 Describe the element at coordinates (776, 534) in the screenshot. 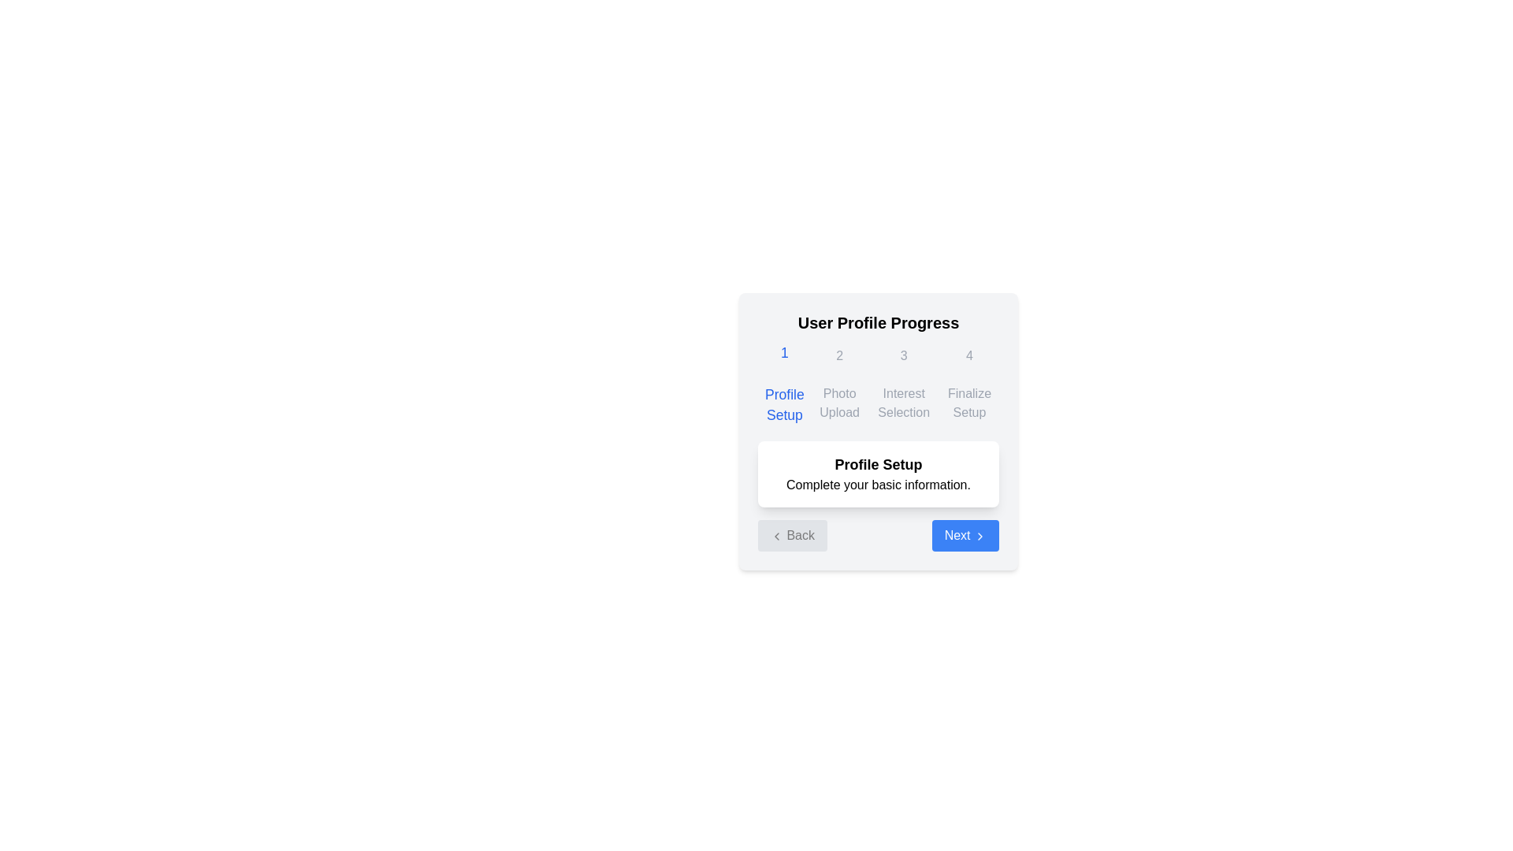

I see `the leftward-pointing chevron icon of the 'Back' button located at the bottom left of the content box` at that location.